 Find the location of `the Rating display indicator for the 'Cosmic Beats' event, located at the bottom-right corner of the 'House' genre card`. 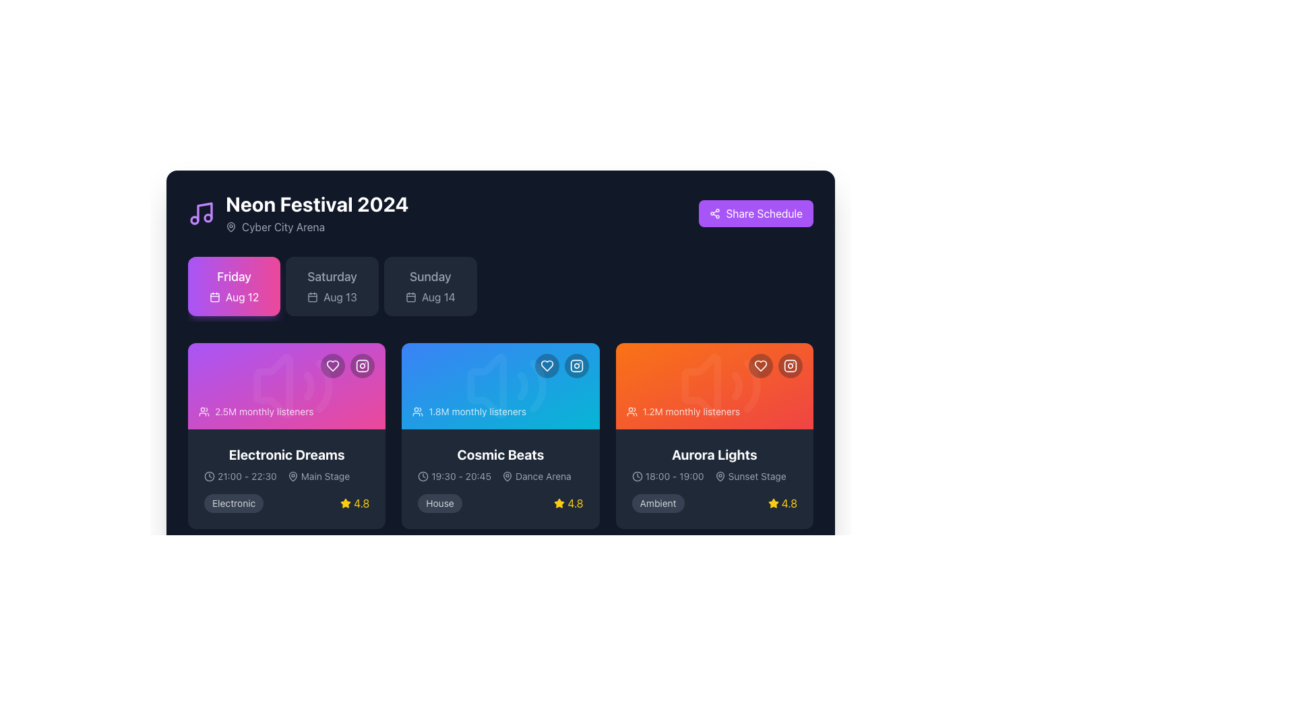

the Rating display indicator for the 'Cosmic Beats' event, located at the bottom-right corner of the 'House' genre card is located at coordinates (569, 504).